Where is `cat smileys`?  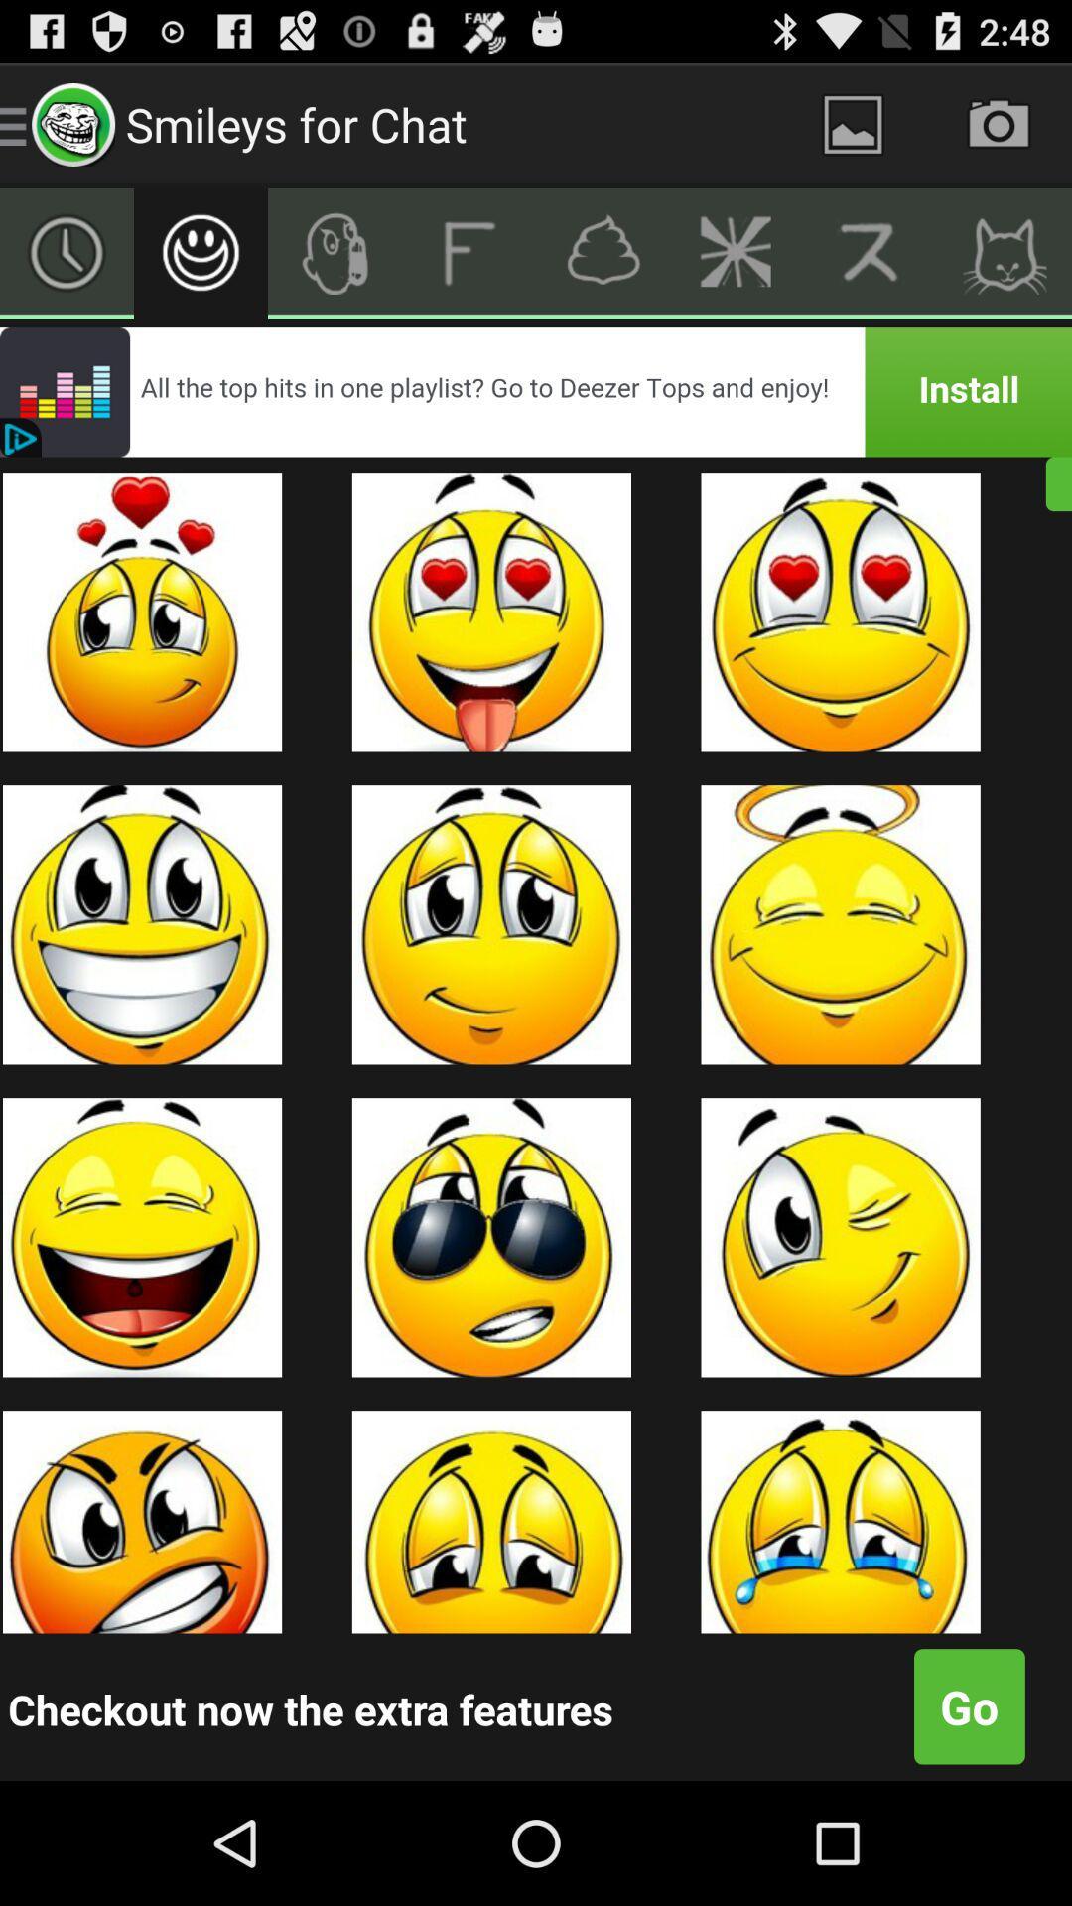 cat smileys is located at coordinates (1005, 251).